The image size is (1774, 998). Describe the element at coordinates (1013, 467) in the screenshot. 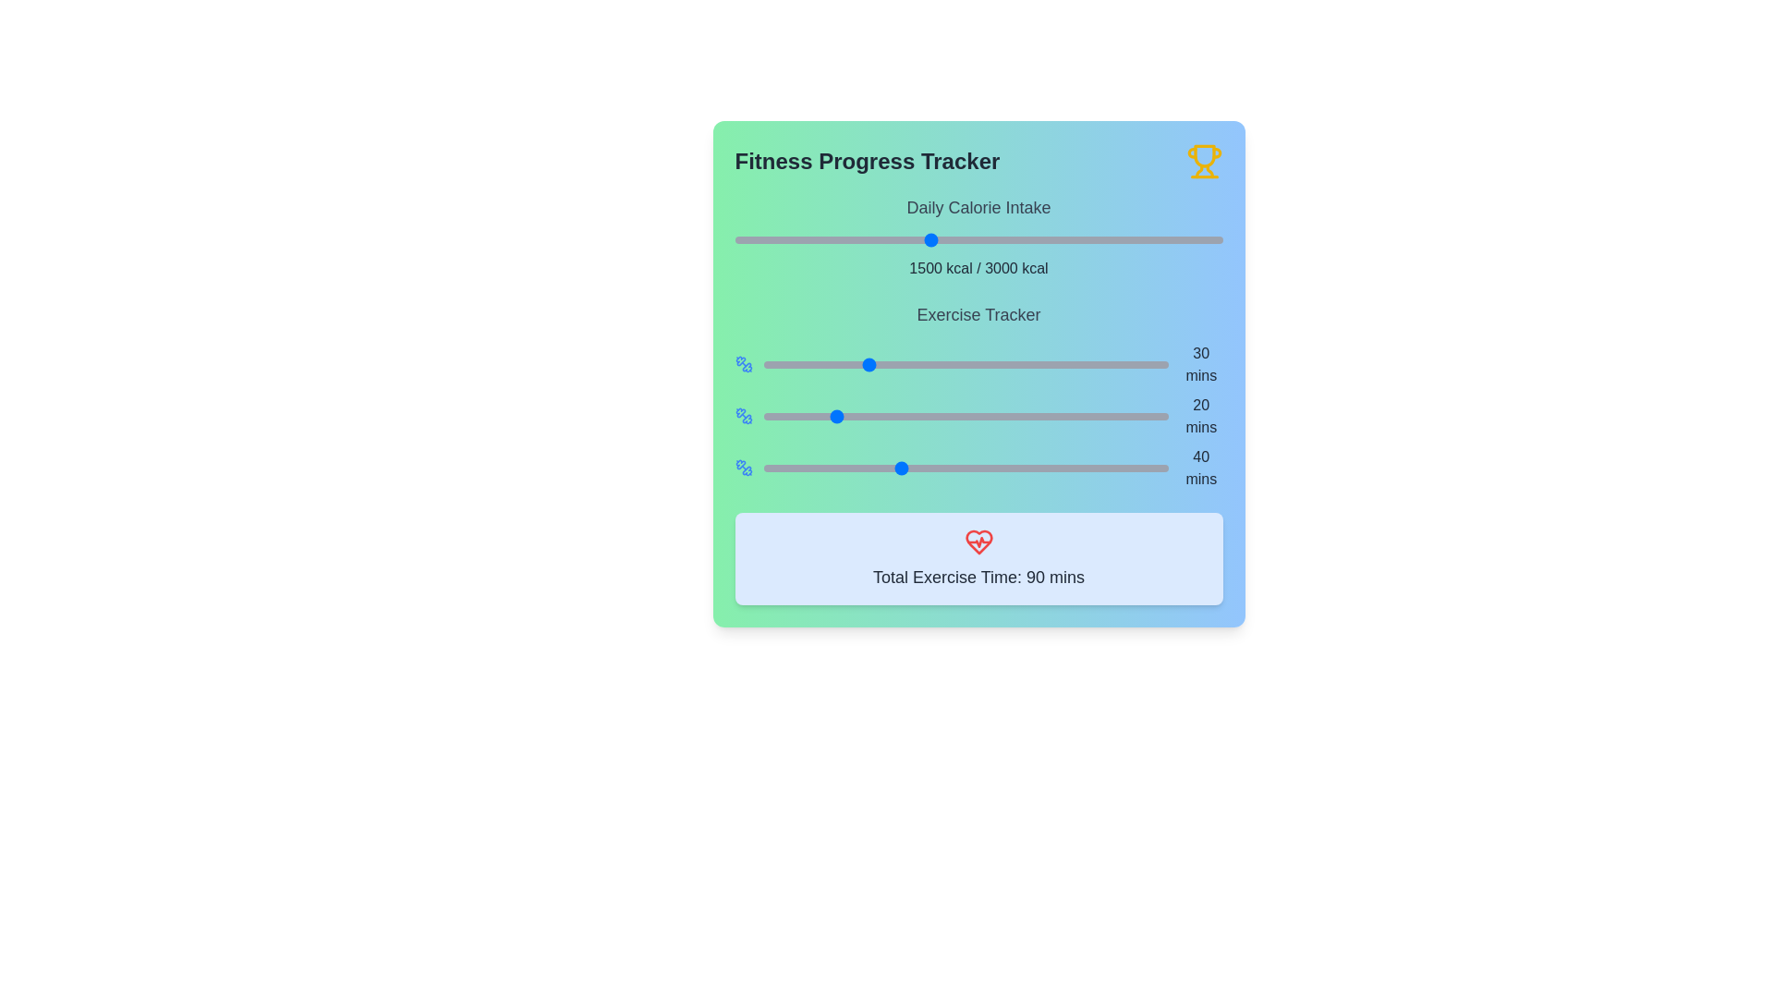

I see `the exercise time` at that location.